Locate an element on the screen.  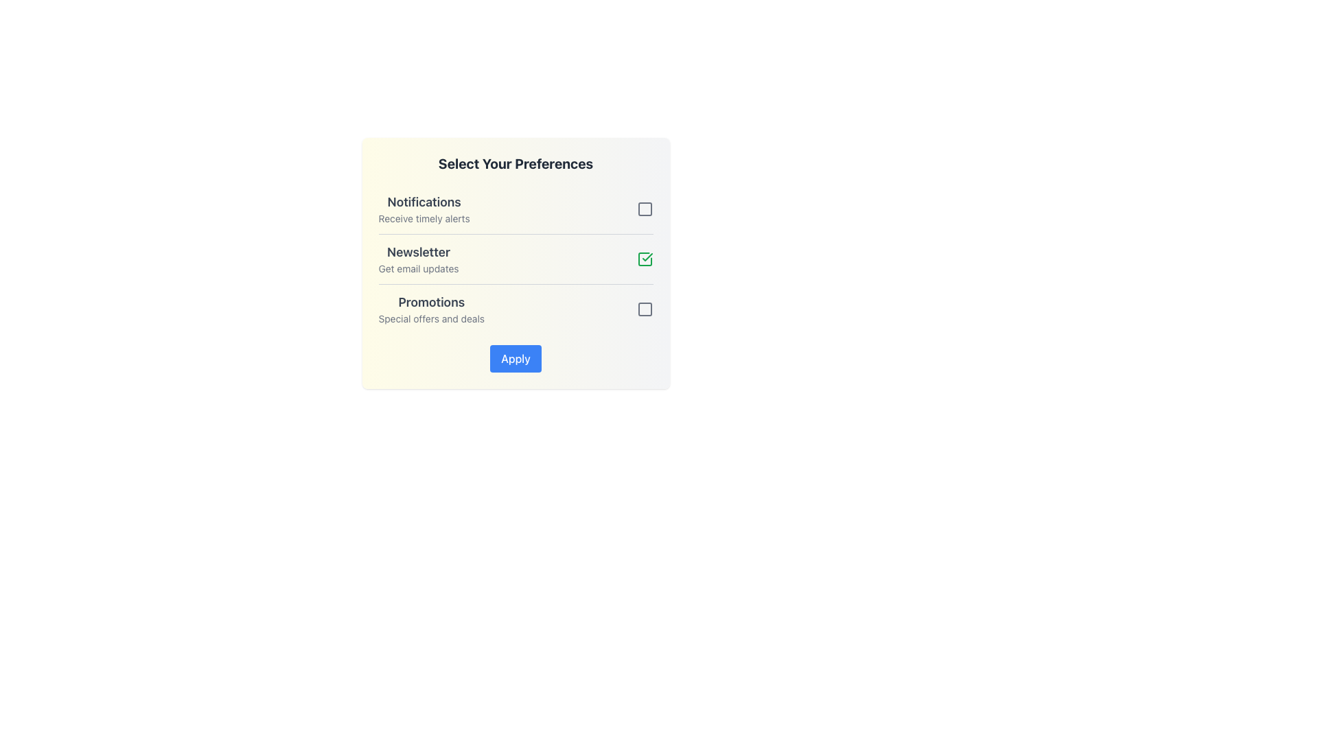
the Interactive Checkbox for 'Promotions' option in the 'Select Your Preferences' section to provide visual feedback is located at coordinates (644, 309).